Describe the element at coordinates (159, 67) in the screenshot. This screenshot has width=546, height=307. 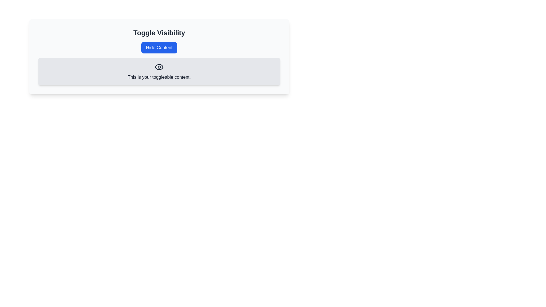
I see `the black stylized eye icon that is centrally located above the text 'This is your toggleable content.' within the gray content box` at that location.